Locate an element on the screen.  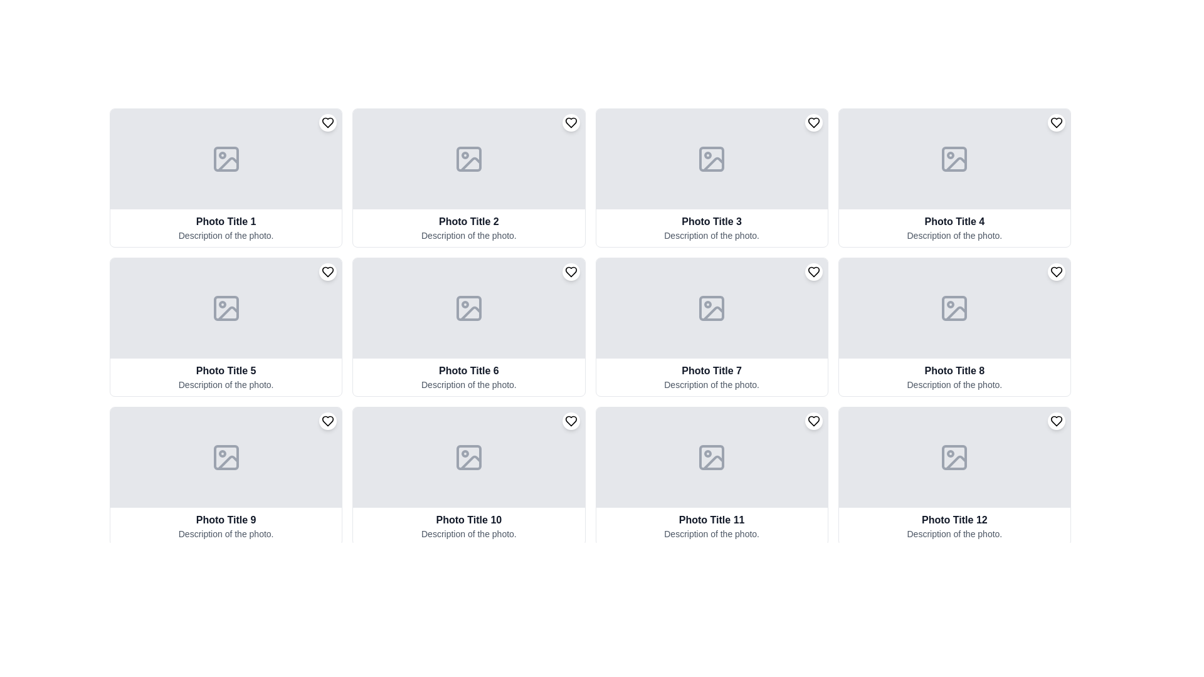
the text block containing the title 'Photo Title 5' and the description 'Description of the photo.' is located at coordinates (226, 376).